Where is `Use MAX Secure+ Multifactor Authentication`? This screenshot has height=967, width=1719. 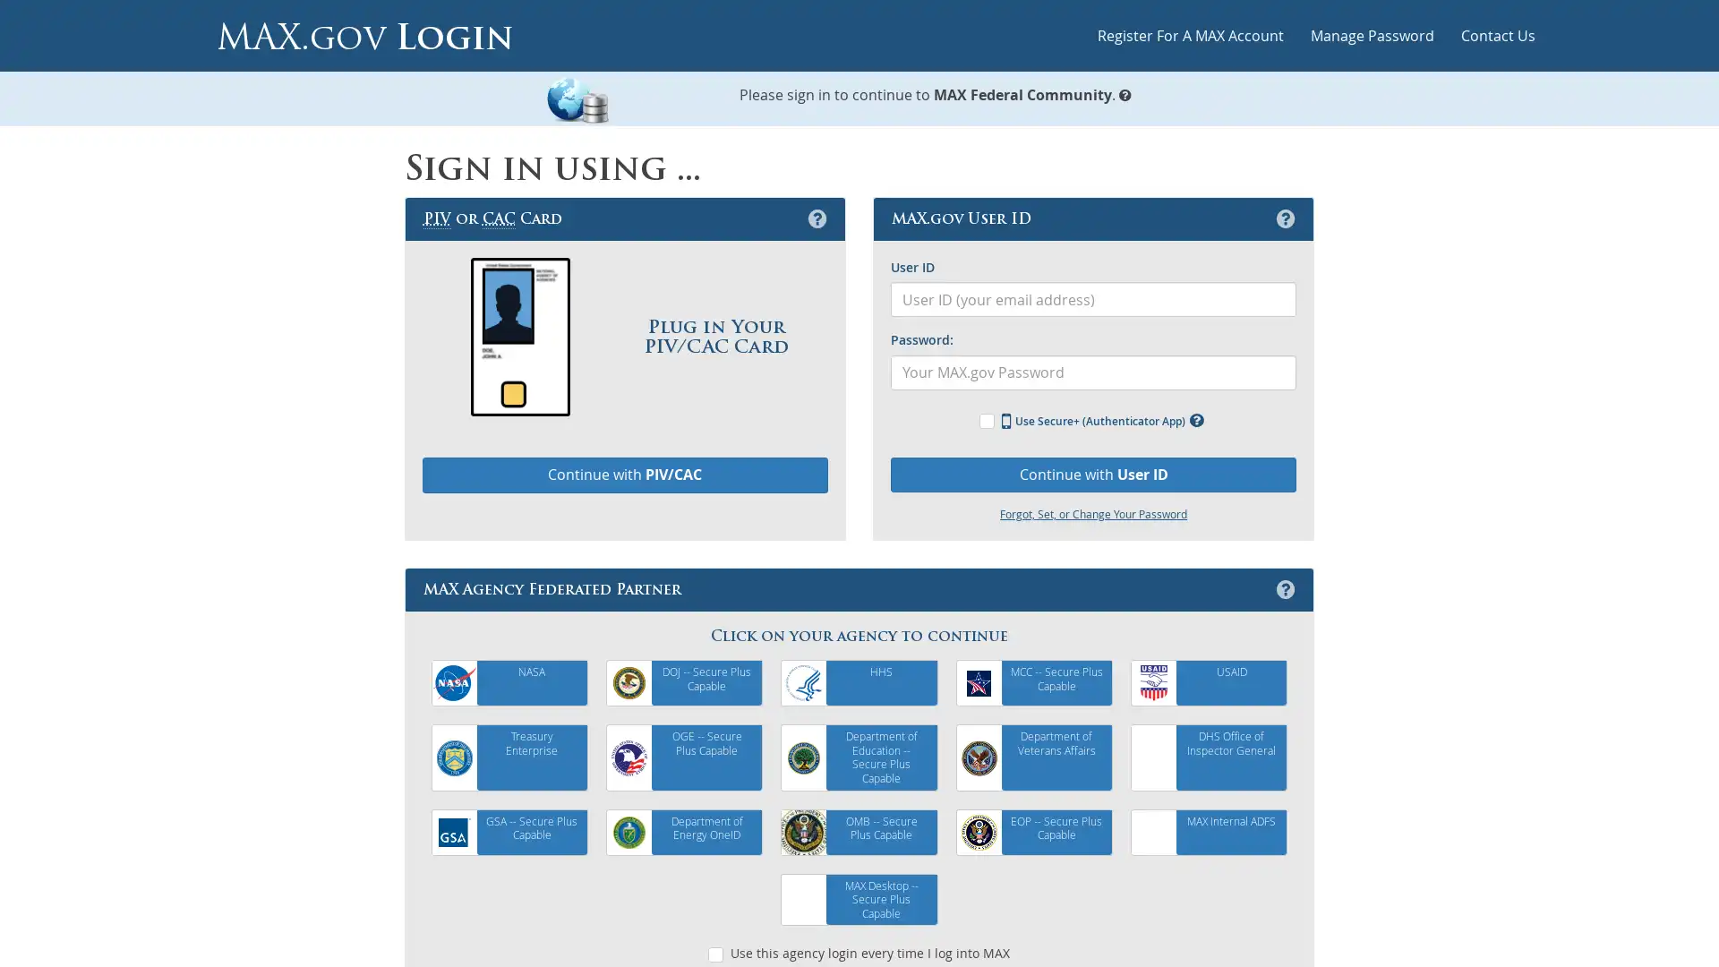
Use MAX Secure+ Multifactor Authentication is located at coordinates (1196, 420).